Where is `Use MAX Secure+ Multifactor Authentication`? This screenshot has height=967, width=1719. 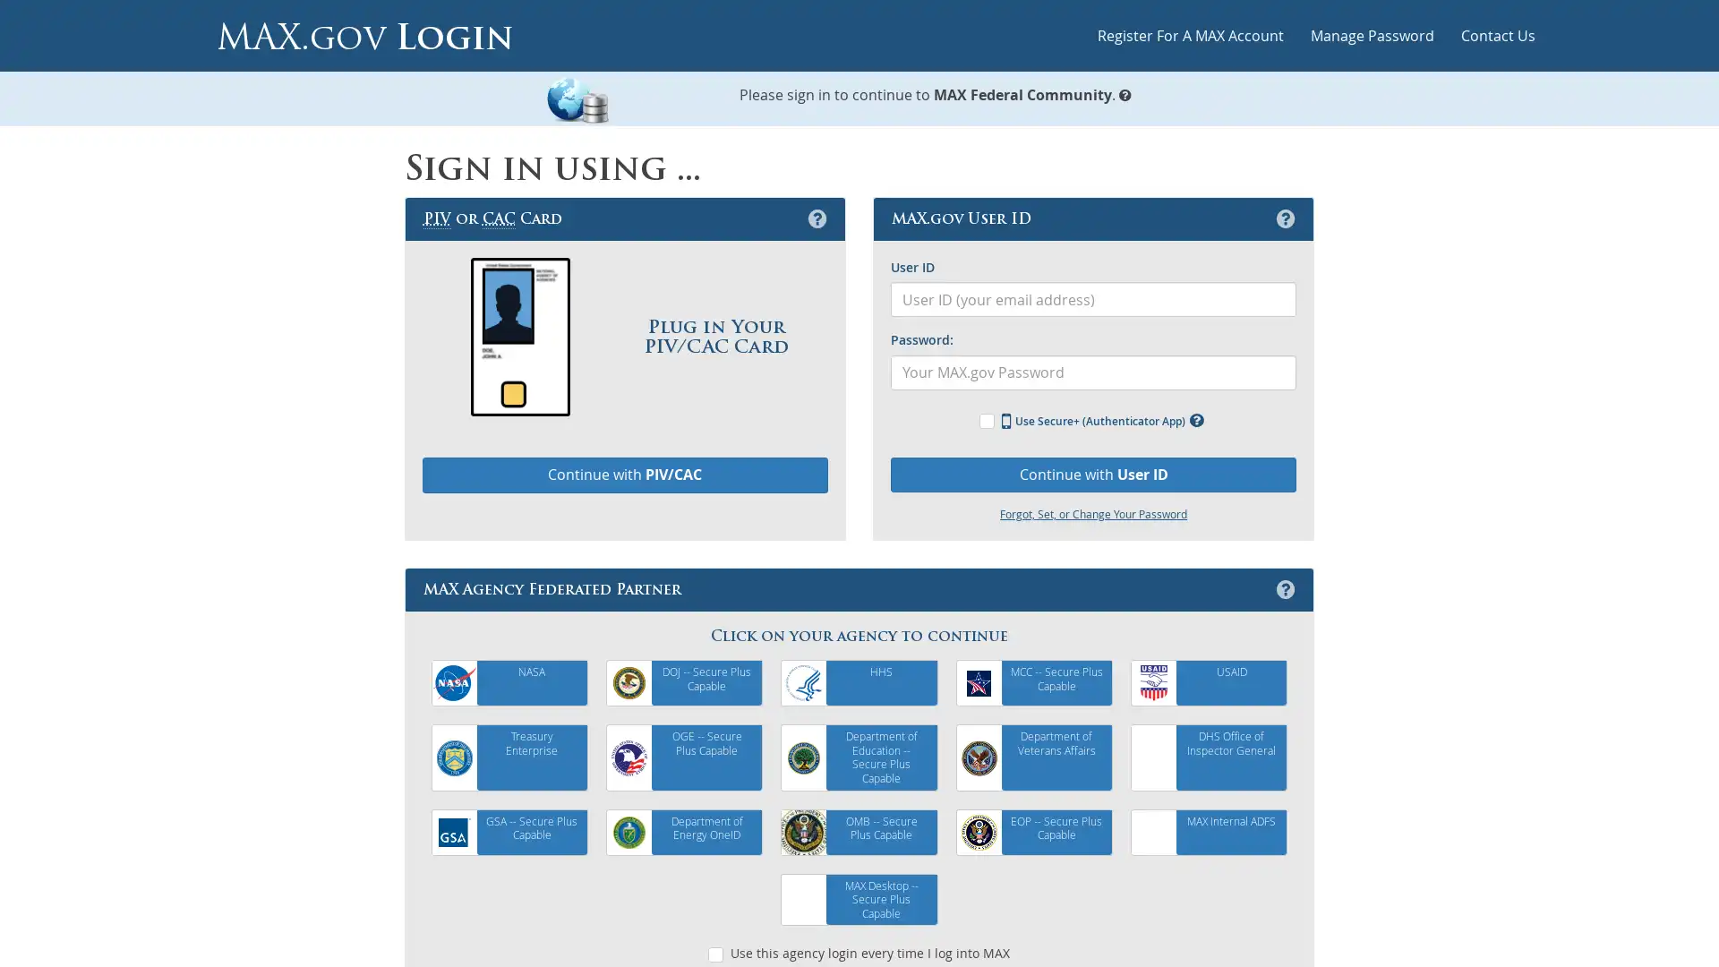
Use MAX Secure+ Multifactor Authentication is located at coordinates (1196, 420).